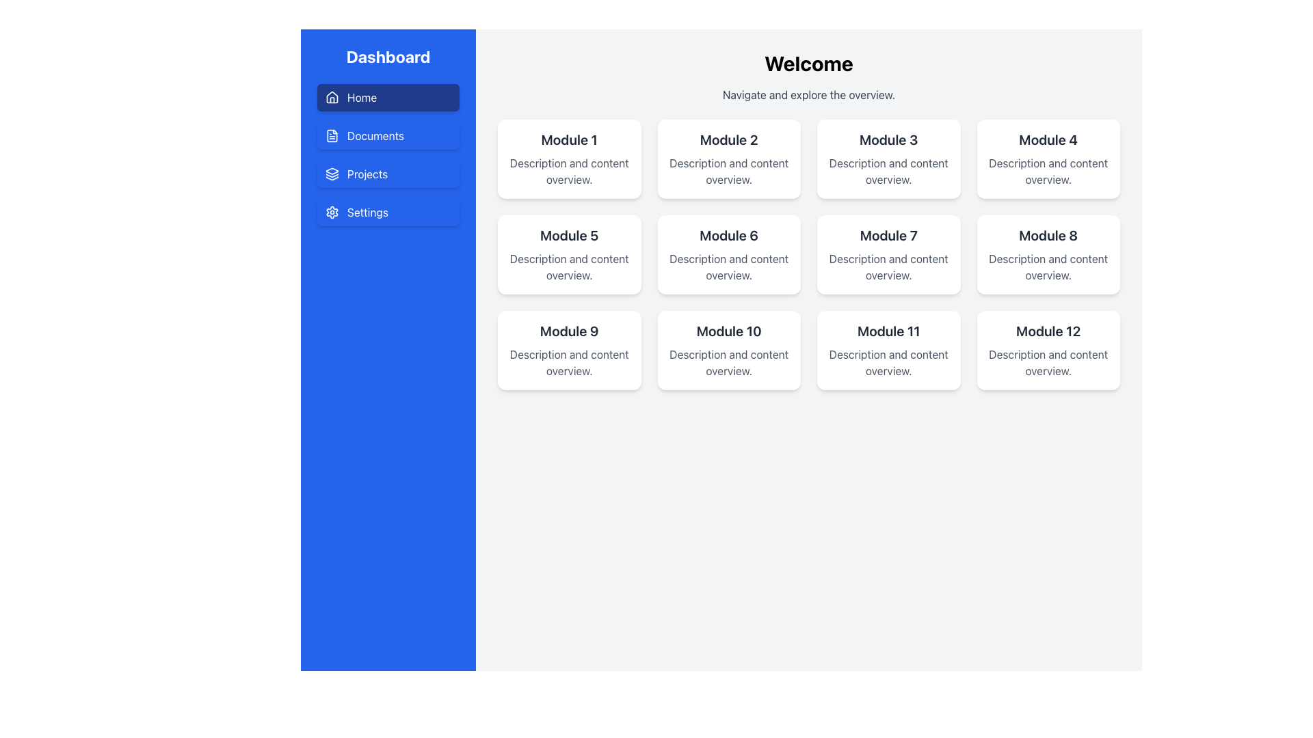  I want to click on the static text displaying 'Description and content overview.' located beneath the title 'Module 9', so click(569, 362).